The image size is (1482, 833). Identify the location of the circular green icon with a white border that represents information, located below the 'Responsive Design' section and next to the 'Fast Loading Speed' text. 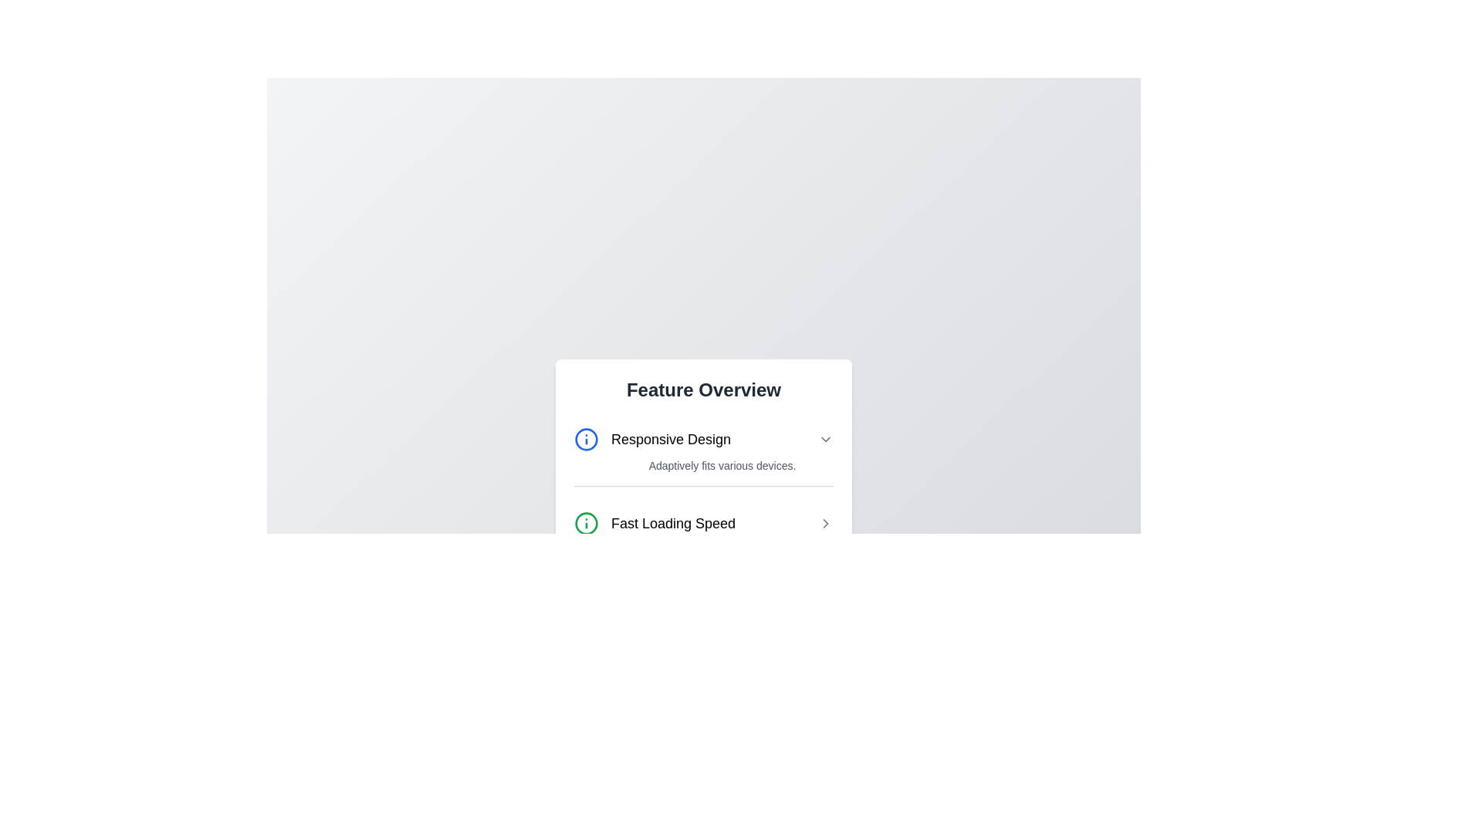
(585, 522).